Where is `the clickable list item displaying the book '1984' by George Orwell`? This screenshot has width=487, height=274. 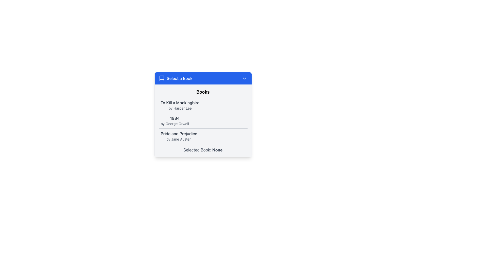 the clickable list item displaying the book '1984' by George Orwell is located at coordinates (203, 121).